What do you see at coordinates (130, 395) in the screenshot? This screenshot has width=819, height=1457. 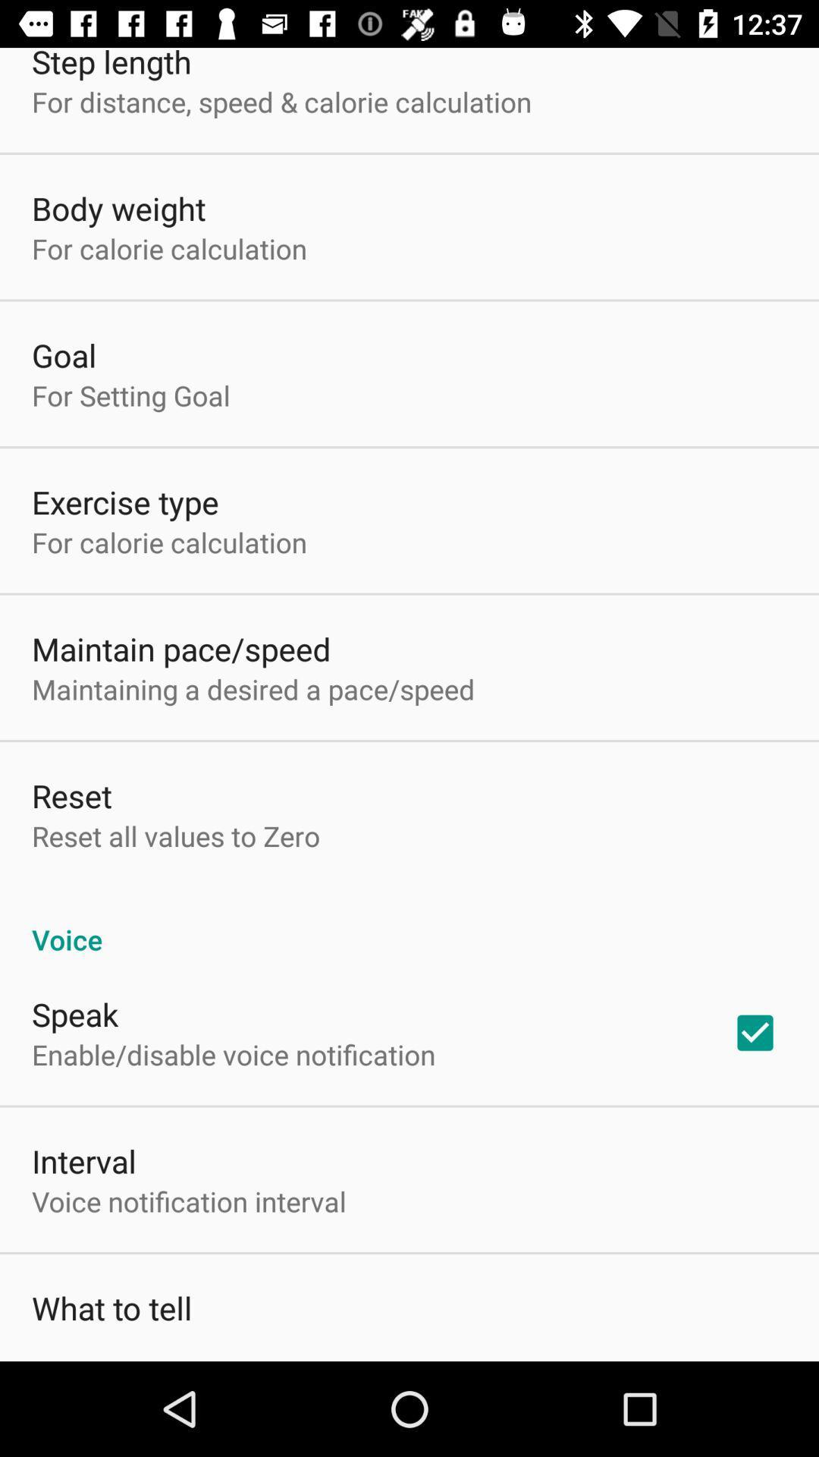 I see `app below goal icon` at bounding box center [130, 395].